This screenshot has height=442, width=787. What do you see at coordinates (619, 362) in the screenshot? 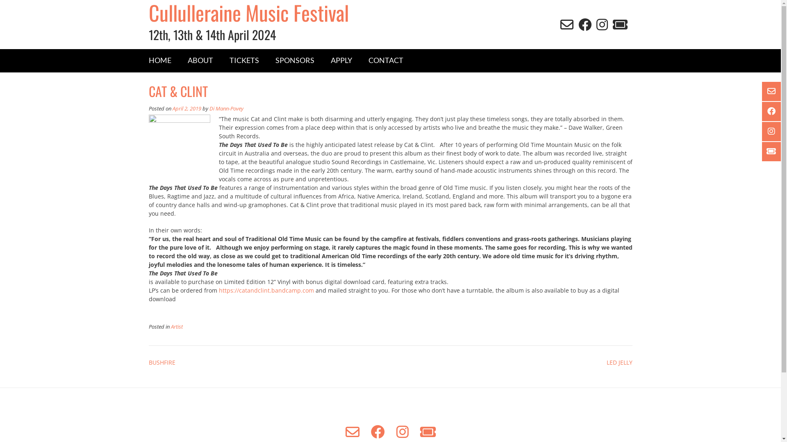
I see `'LED JELLY'` at bounding box center [619, 362].